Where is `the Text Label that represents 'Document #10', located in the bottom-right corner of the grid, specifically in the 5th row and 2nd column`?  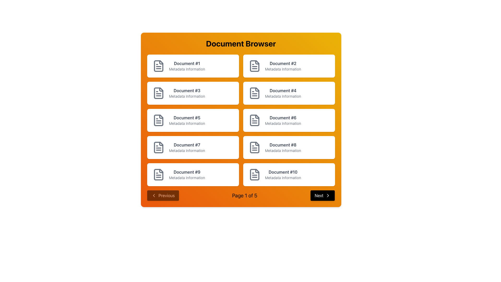 the Text Label that represents 'Document #10', located in the bottom-right corner of the grid, specifically in the 5th row and 2nd column is located at coordinates (283, 174).